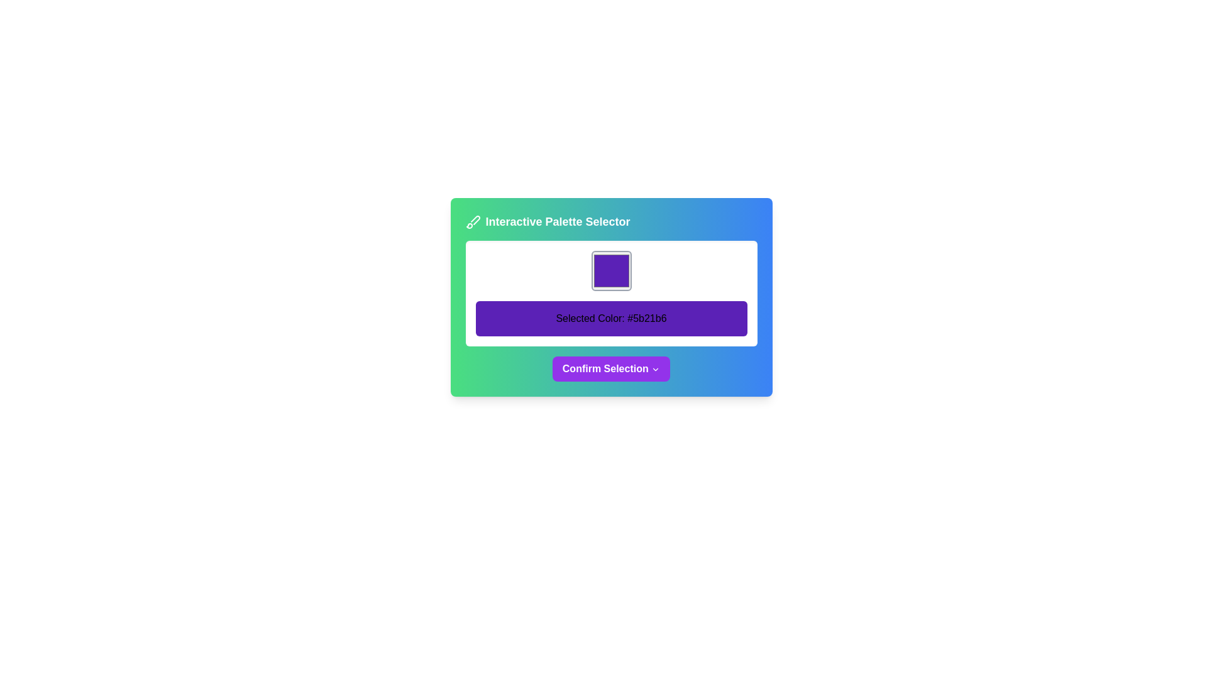 The image size is (1207, 679). I want to click on the Color Picker Button, which is a square-shaped color chooser filled with purple (#5b21b6) located centrally in the 'Interactive Palette Selector' component, so click(611, 297).